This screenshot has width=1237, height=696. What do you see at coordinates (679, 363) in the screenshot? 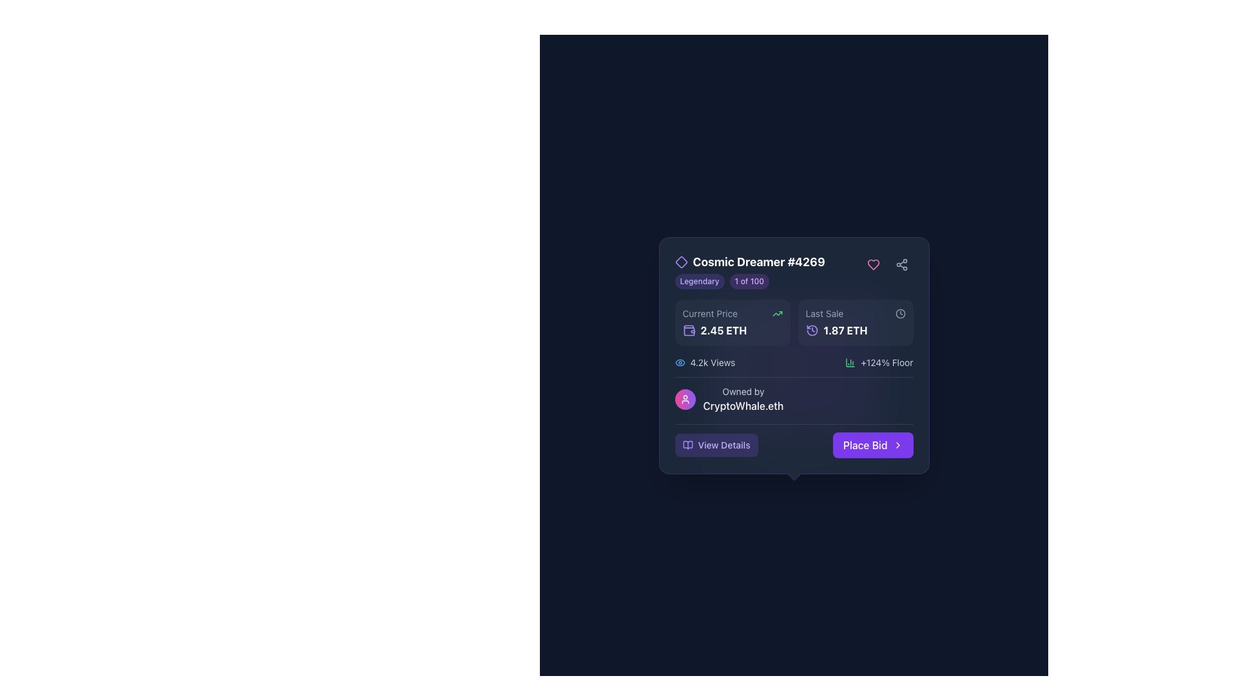
I see `the blue eye icon that symbolizes visibility, located to the left of the text '4.2k Views'` at bounding box center [679, 363].